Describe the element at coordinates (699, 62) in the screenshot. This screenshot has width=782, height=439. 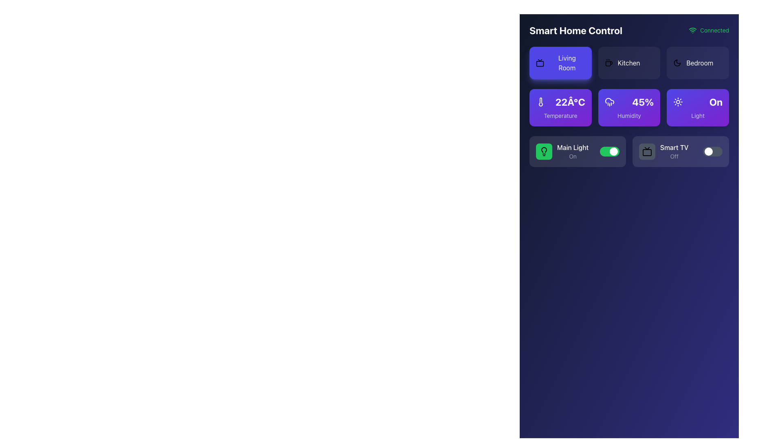
I see `the 'Bedroom' button located in the top-right section of the interface` at that location.